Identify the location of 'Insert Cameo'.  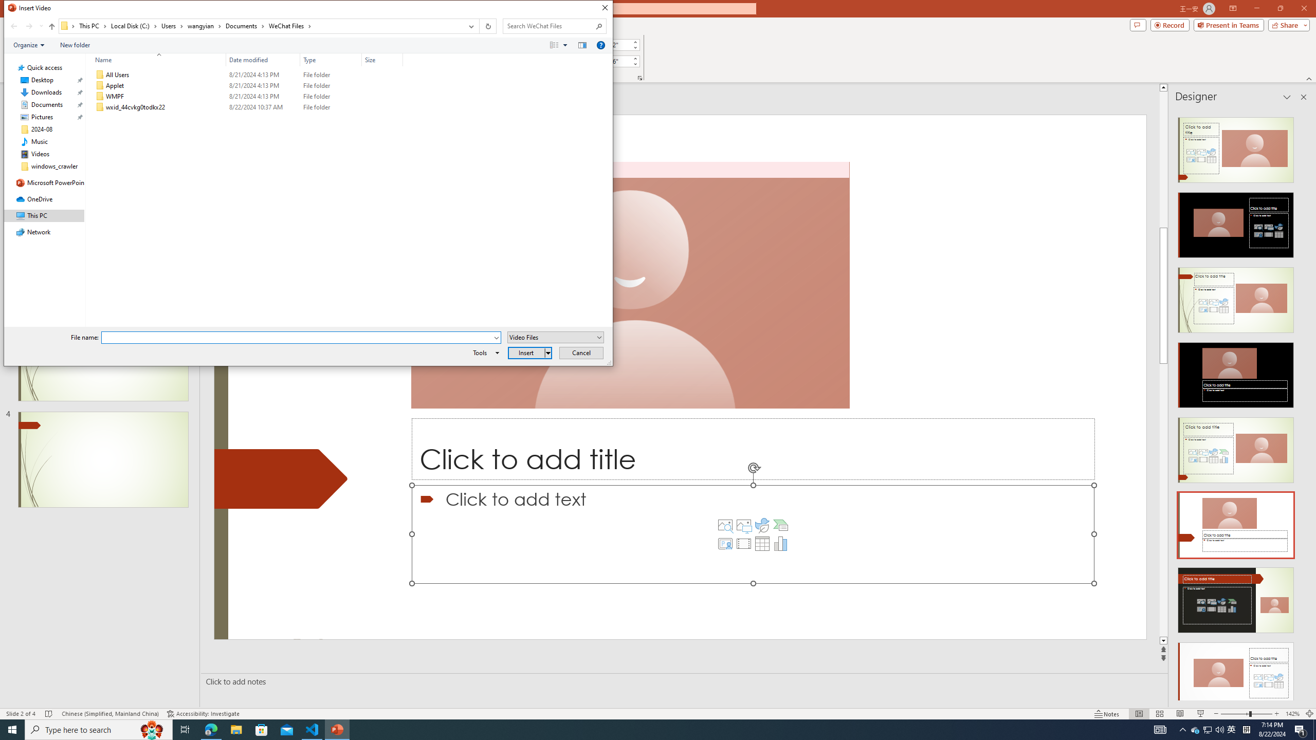
(725, 543).